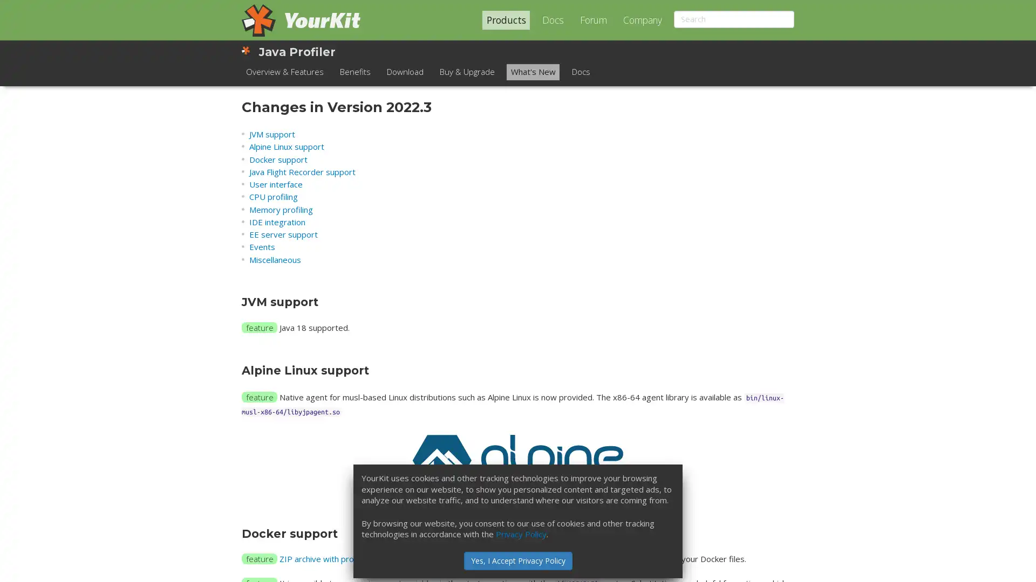 The image size is (1036, 582). I want to click on Yes, I Accept Privacy Policy, so click(517, 560).